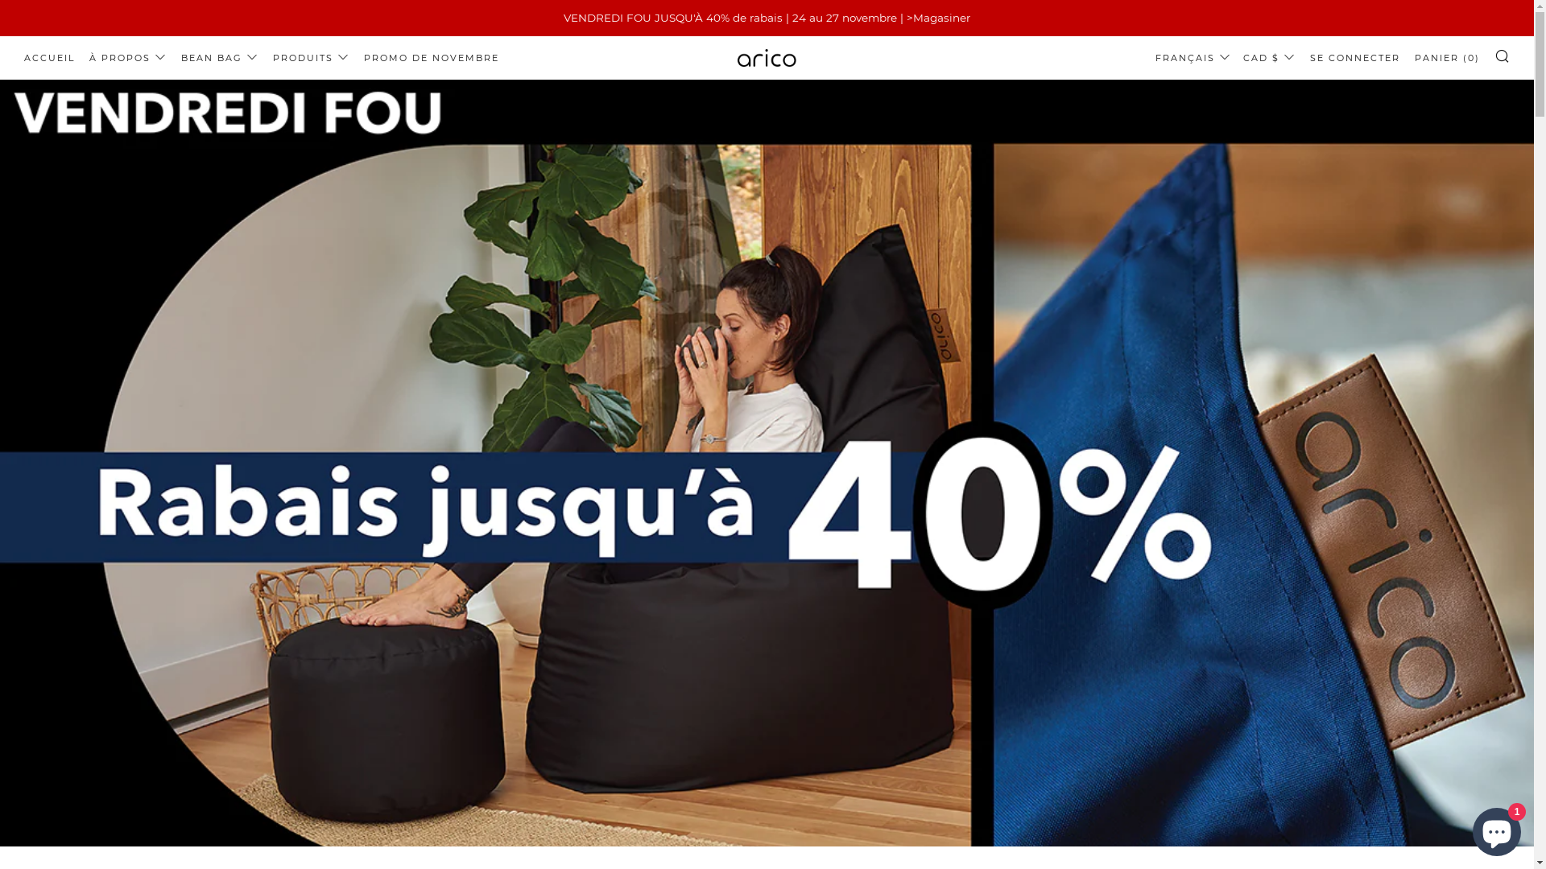 The width and height of the screenshot is (1546, 869). What do you see at coordinates (23, 57) in the screenshot?
I see `'ACCUEIL'` at bounding box center [23, 57].